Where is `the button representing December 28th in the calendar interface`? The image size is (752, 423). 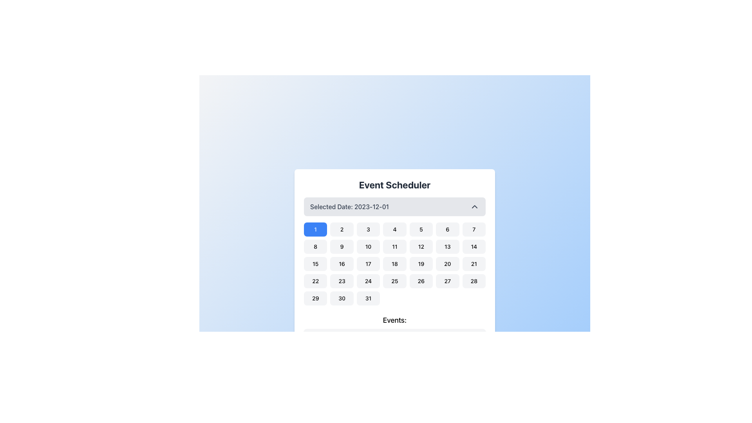
the button representing December 28th in the calendar interface is located at coordinates (474, 280).